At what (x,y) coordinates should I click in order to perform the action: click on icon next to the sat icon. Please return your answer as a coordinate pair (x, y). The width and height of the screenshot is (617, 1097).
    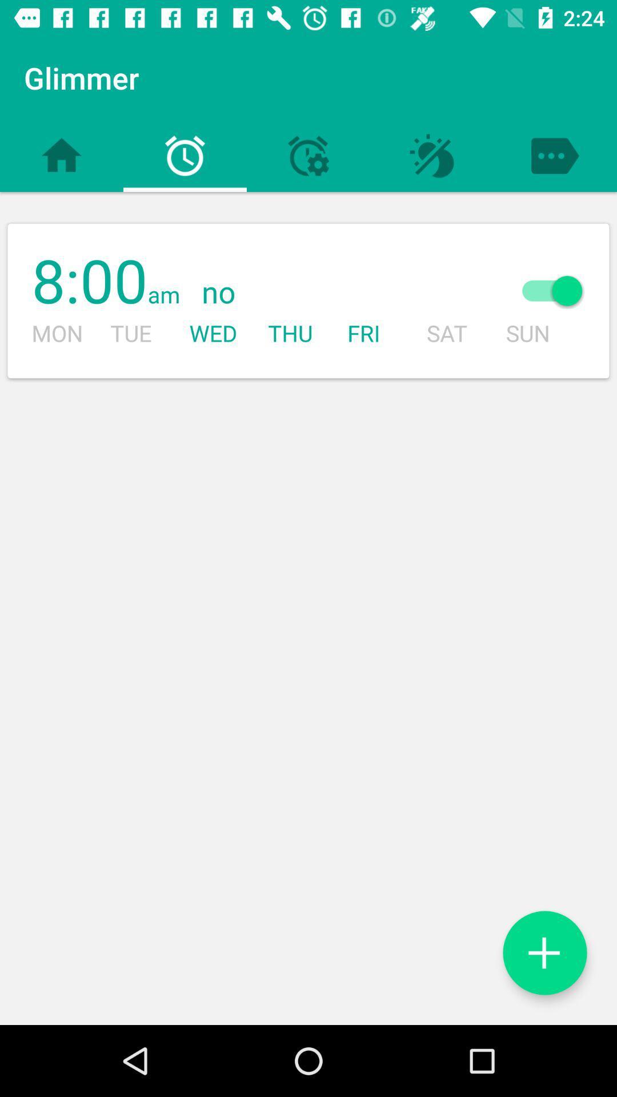
    Looking at the image, I should click on (551, 291).